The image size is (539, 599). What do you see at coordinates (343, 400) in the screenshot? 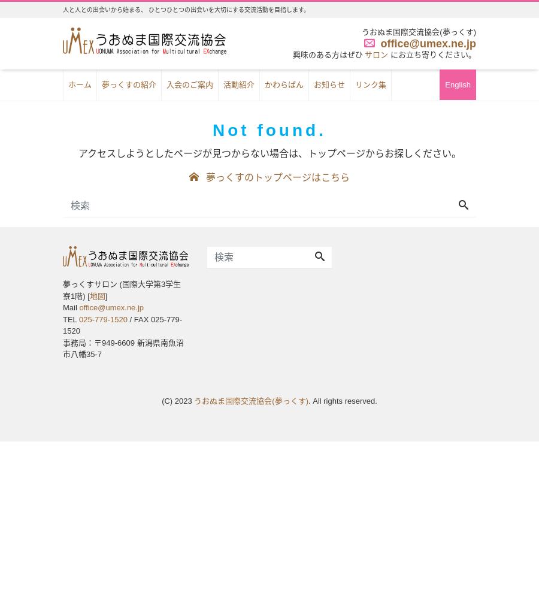
I see `'. All rights reserved.'` at bounding box center [343, 400].